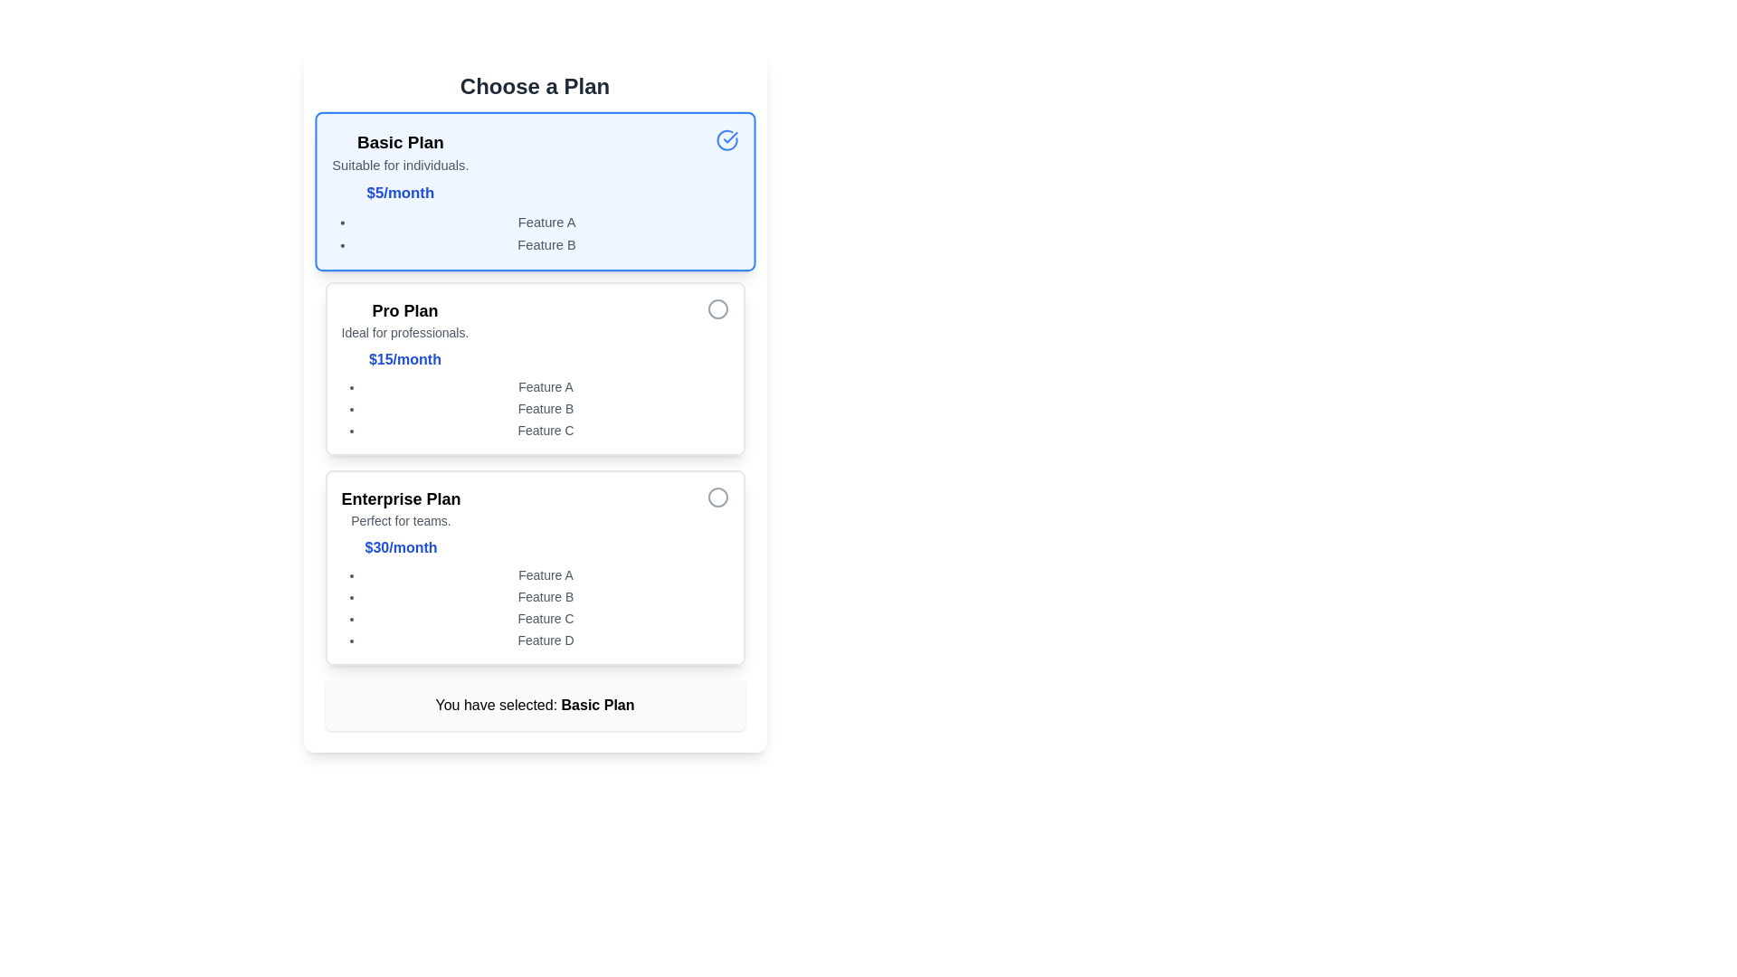  Describe the element at coordinates (545, 640) in the screenshot. I see `the static text list item labeled 'Feature D', which is the last entry in a bulleted list within the 'Enterprise Plan' section` at that location.